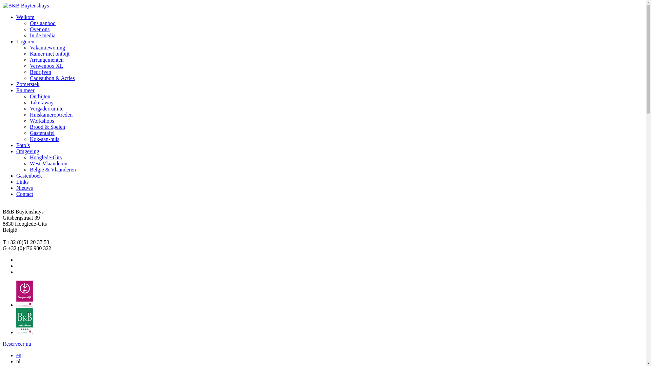  Describe the element at coordinates (26, 5) in the screenshot. I see `'B&B Buytenshuys'` at that location.